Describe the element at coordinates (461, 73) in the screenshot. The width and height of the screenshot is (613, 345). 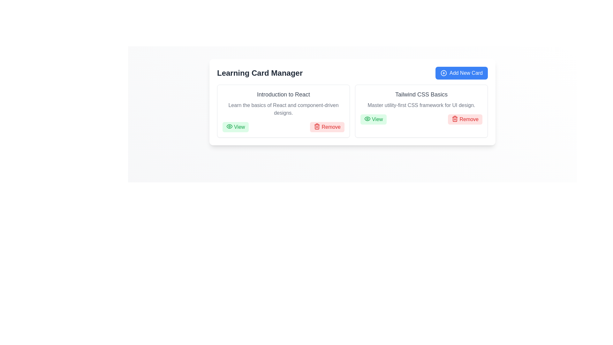
I see `the 'Add New Card' button, which is a rounded rectangular button with a bright blue background and white text, located in the top-right section of the 'Learning Card Manager'` at that location.